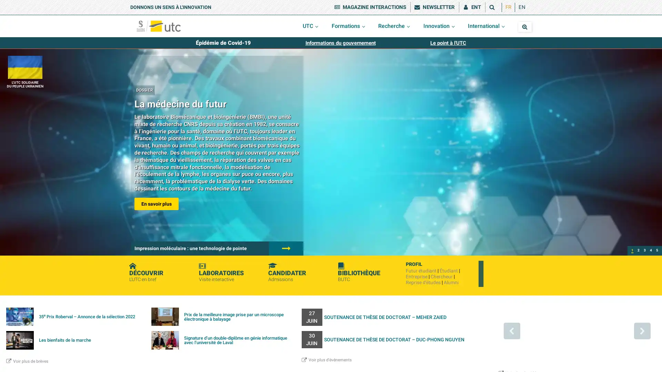  What do you see at coordinates (650, 251) in the screenshot?
I see `Une IA sure et robuste` at bounding box center [650, 251].